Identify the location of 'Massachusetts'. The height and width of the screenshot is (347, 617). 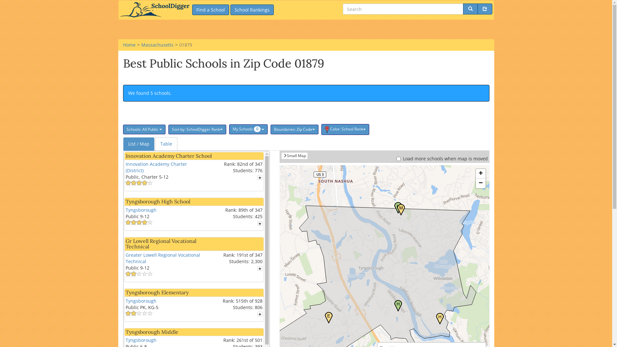
(157, 44).